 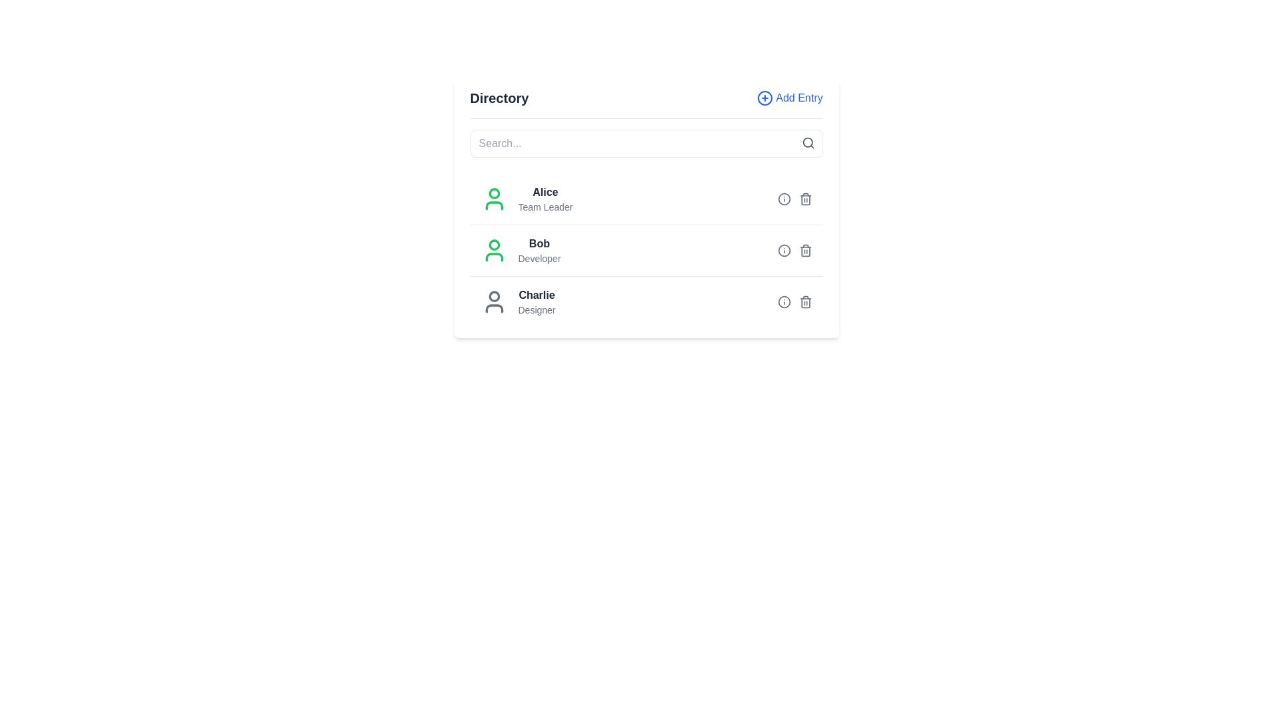 I want to click on the circular graphic element that serves as a decorative part of the user icon, located to the left of the name 'Charlie' in the 'Directory' section, so click(x=493, y=295).